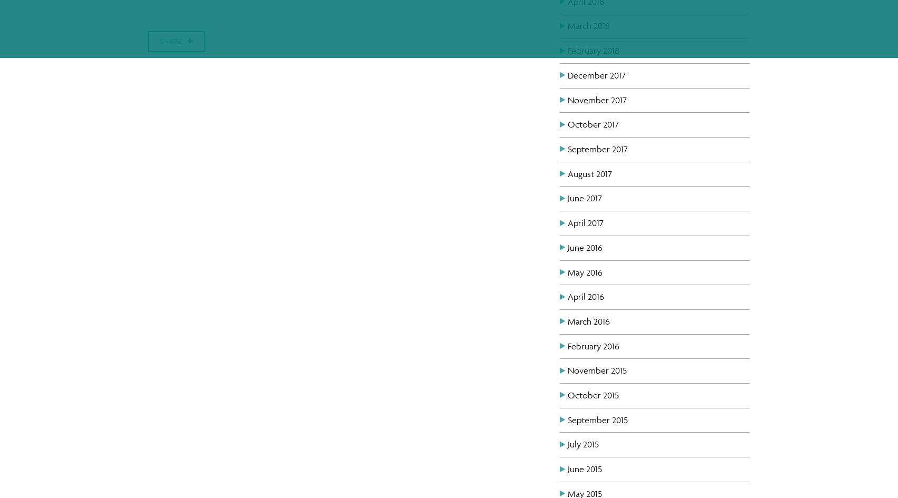 Image resolution: width=898 pixels, height=498 pixels. What do you see at coordinates (593, 345) in the screenshot?
I see `'February 2016'` at bounding box center [593, 345].